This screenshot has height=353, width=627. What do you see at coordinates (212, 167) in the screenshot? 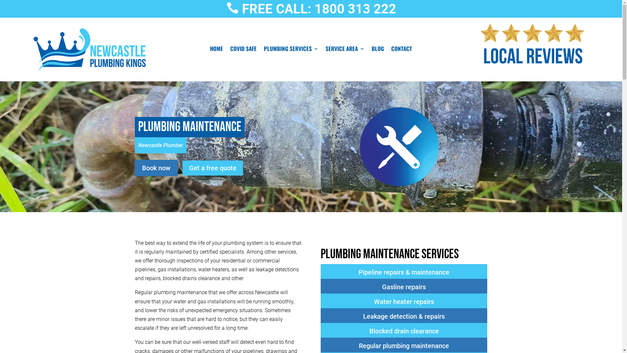
I see `'Get a free quote'` at bounding box center [212, 167].